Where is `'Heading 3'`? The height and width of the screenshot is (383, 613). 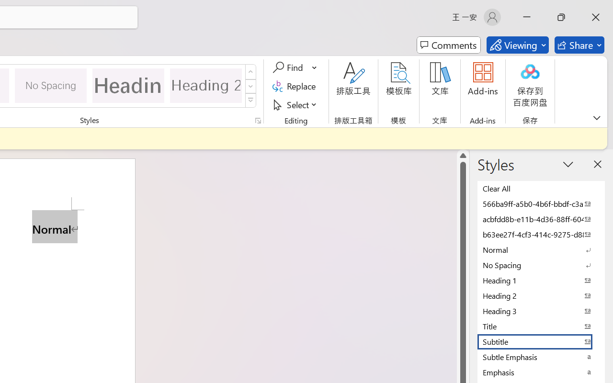 'Heading 3' is located at coordinates (541, 310).